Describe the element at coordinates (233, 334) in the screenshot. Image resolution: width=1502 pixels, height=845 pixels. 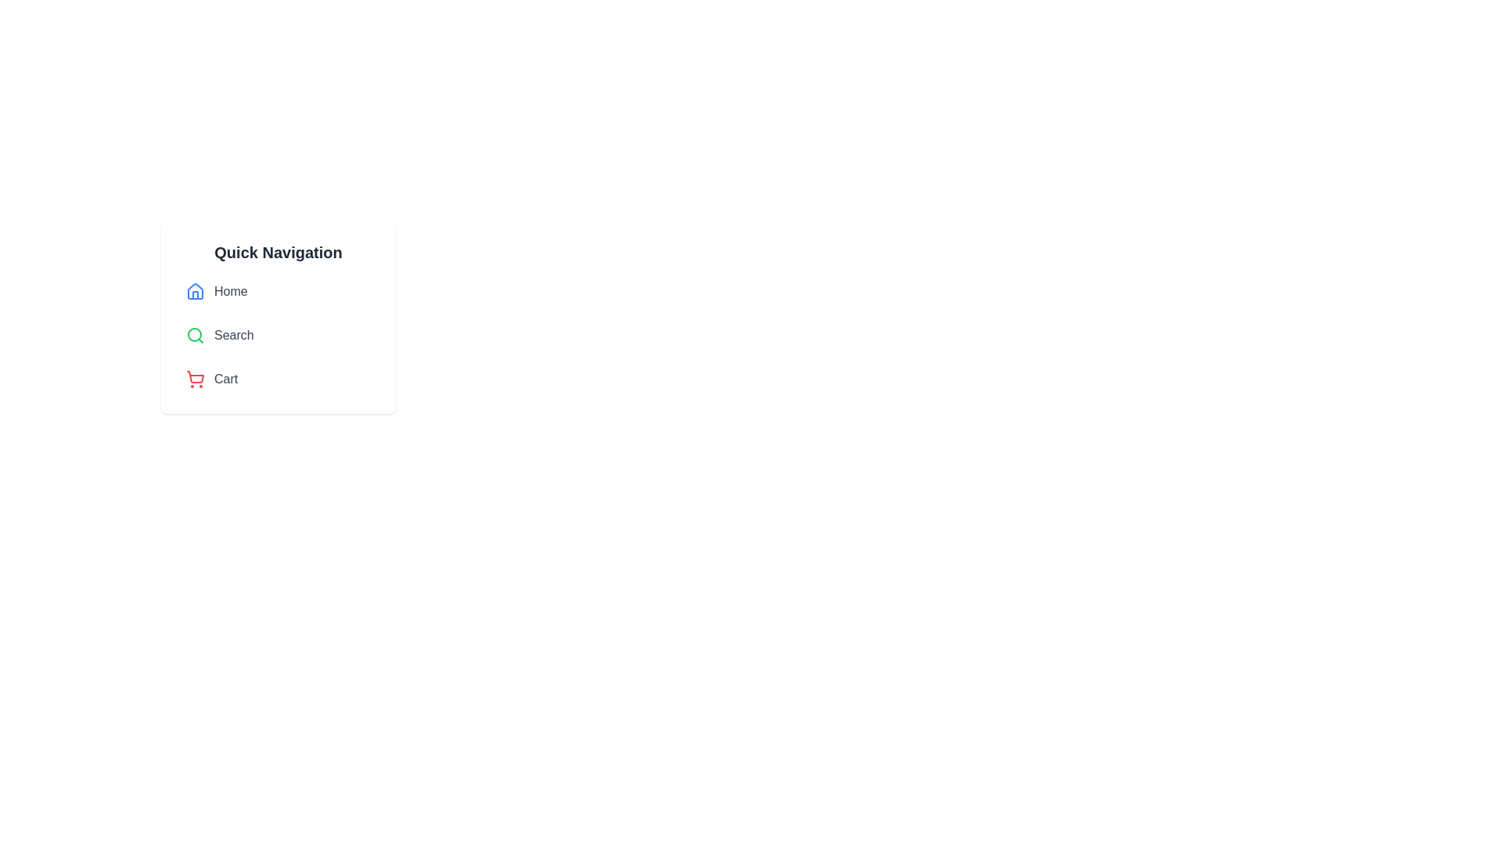
I see `the 'Search' hyperlink` at that location.